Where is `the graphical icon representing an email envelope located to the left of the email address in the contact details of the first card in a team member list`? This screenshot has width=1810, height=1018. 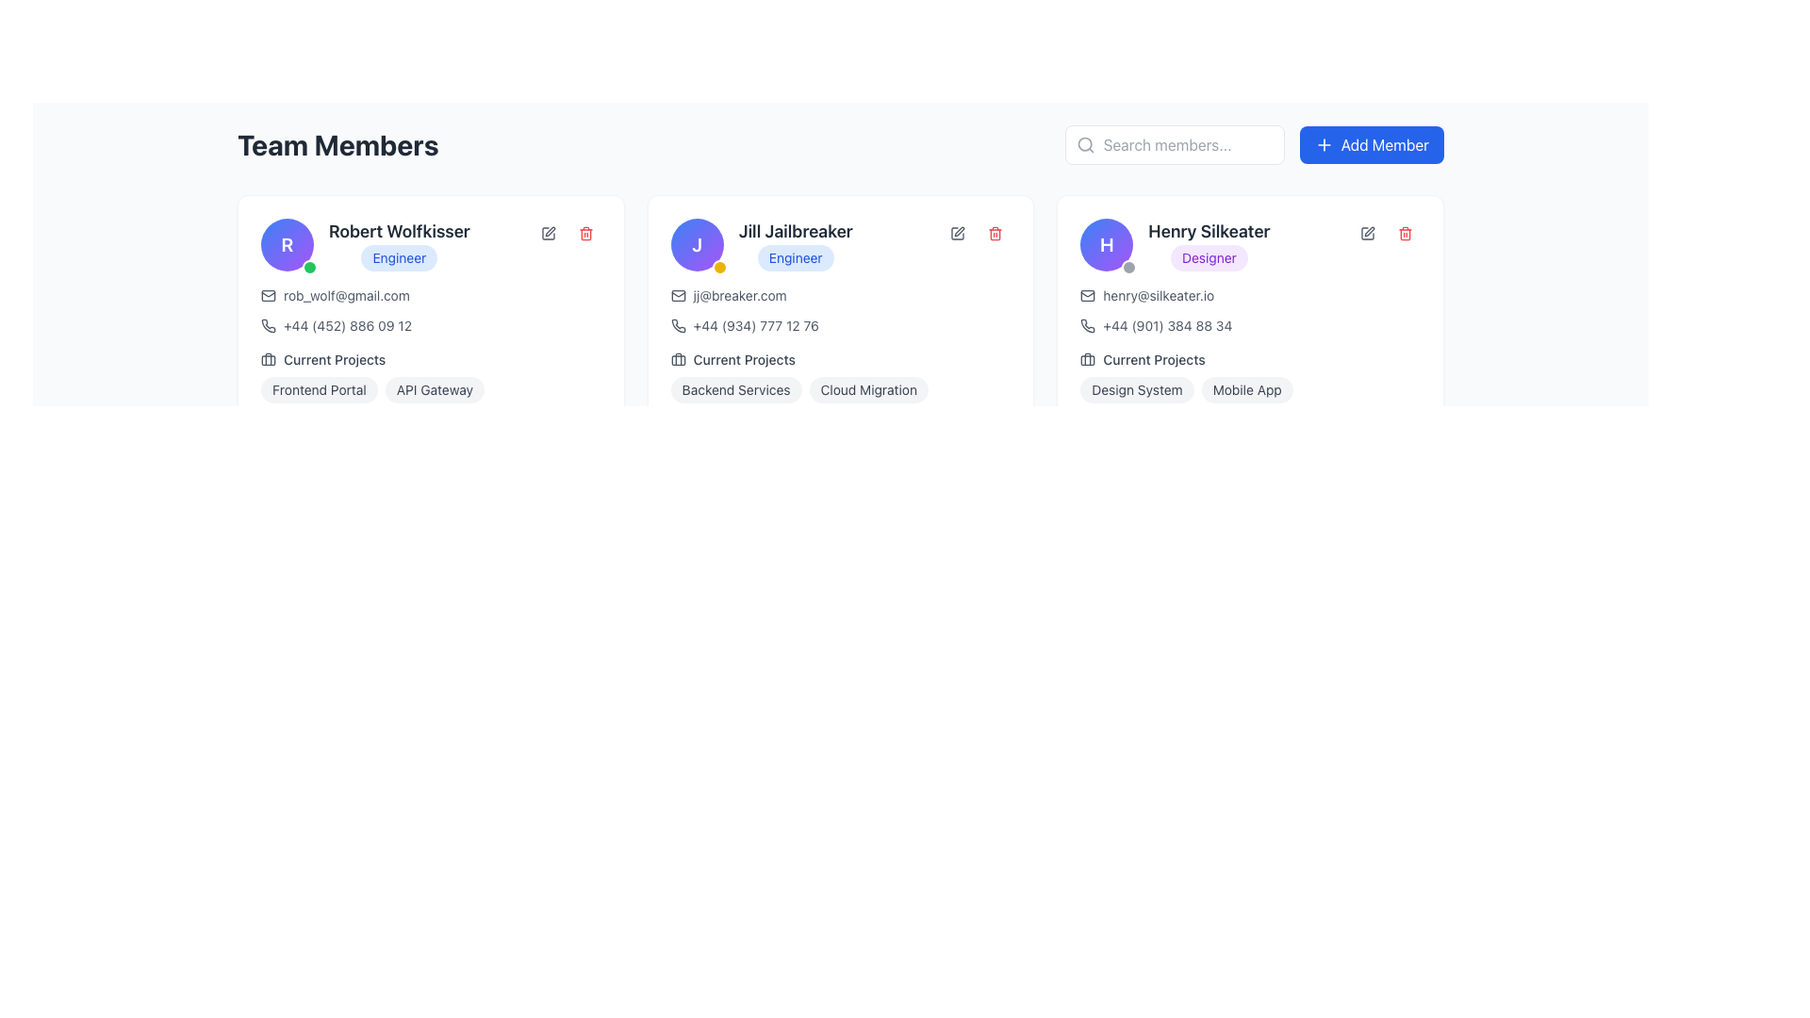
the graphical icon representing an email envelope located to the left of the email address in the contact details of the first card in a team member list is located at coordinates (267, 295).